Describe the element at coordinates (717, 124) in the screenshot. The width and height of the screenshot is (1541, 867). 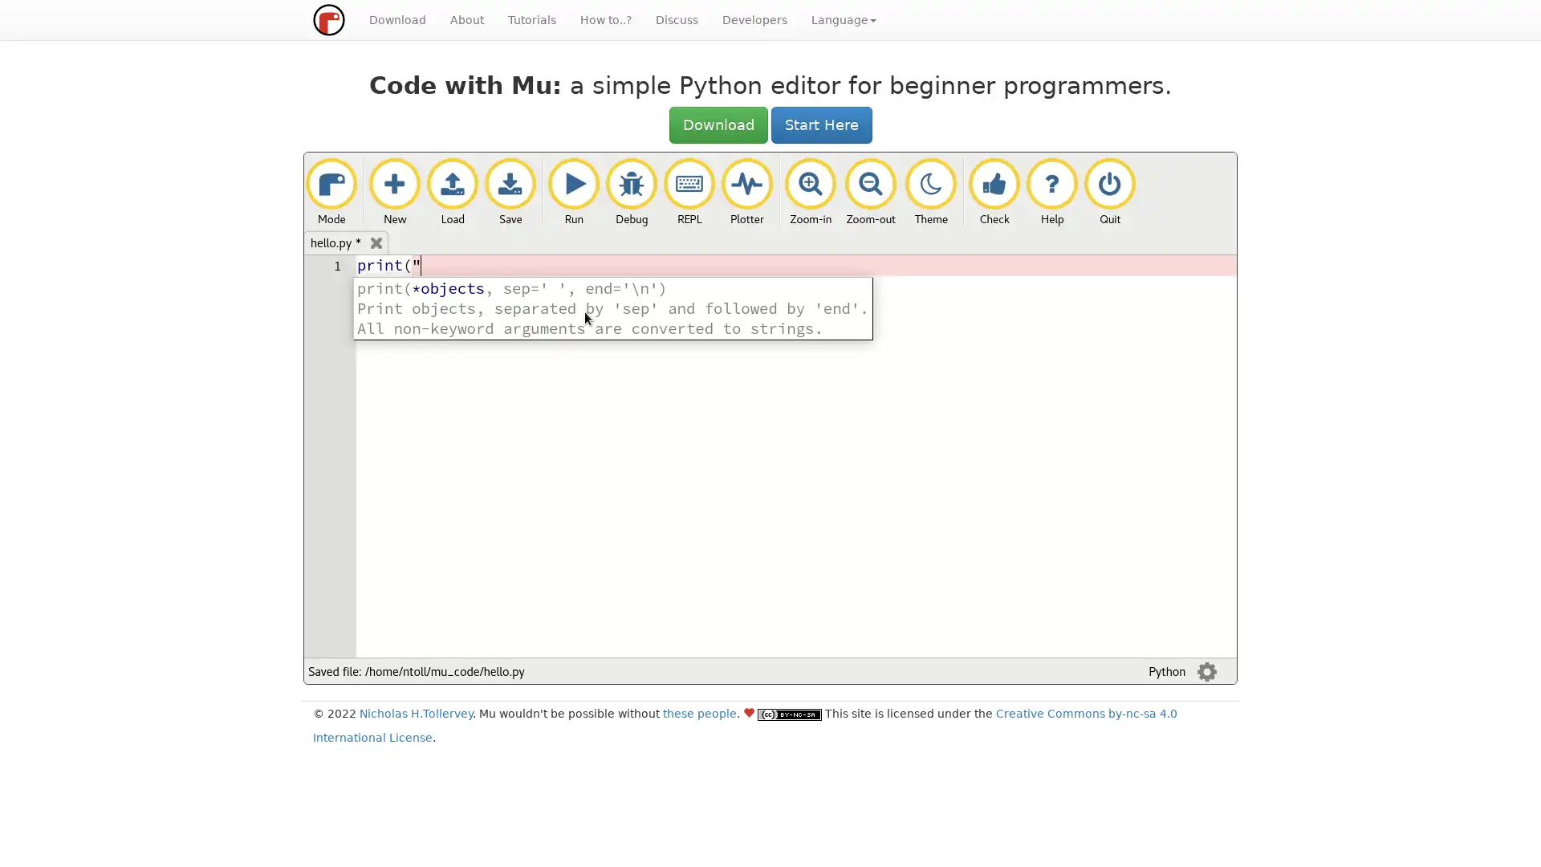
I see `Download` at that location.